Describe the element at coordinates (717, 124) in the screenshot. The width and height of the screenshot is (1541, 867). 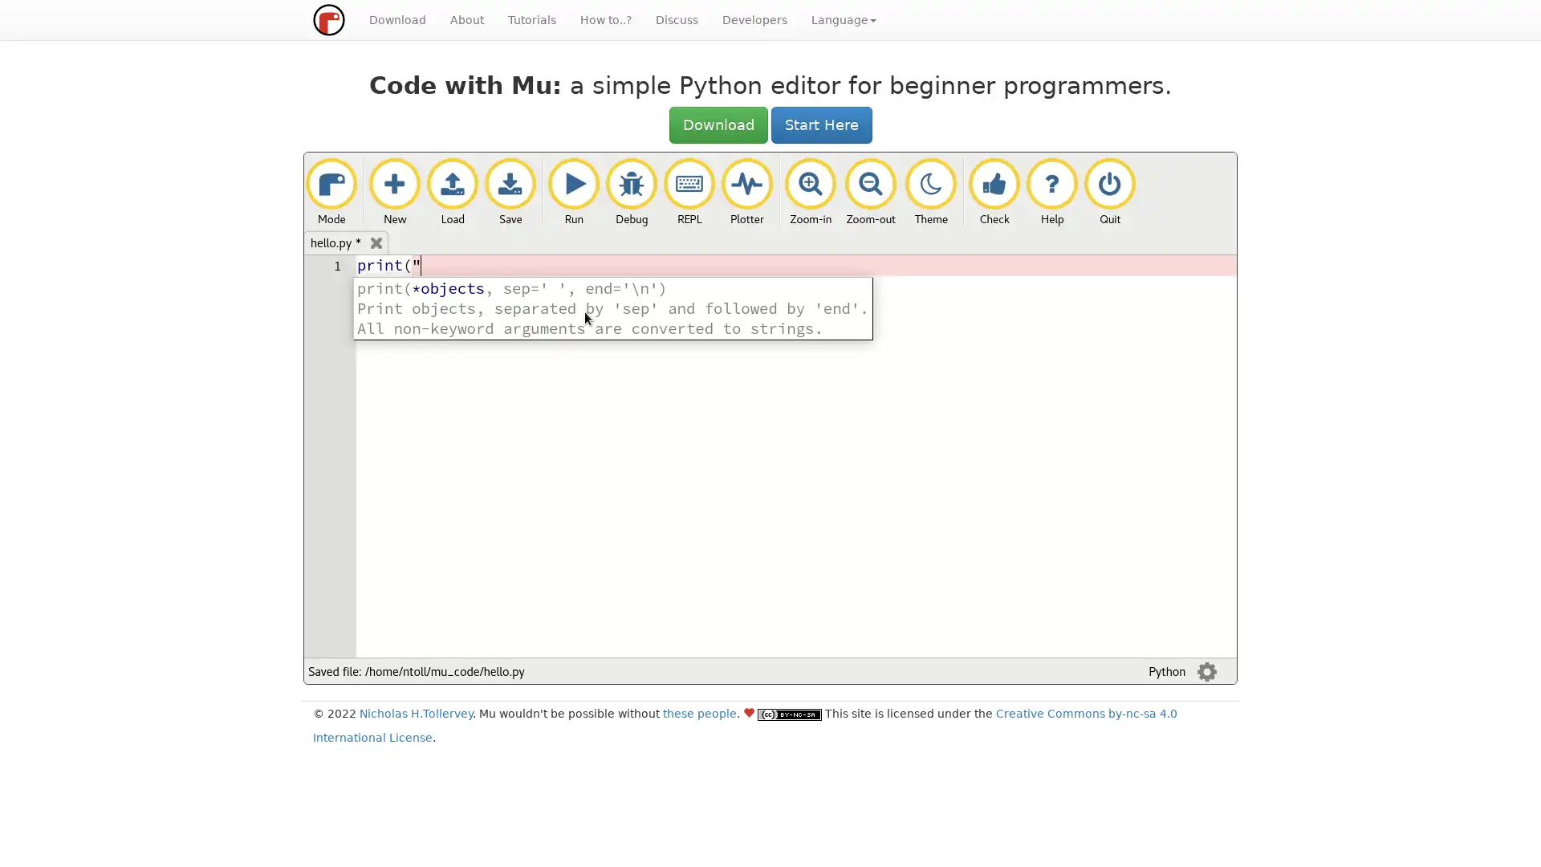
I see `Download` at that location.